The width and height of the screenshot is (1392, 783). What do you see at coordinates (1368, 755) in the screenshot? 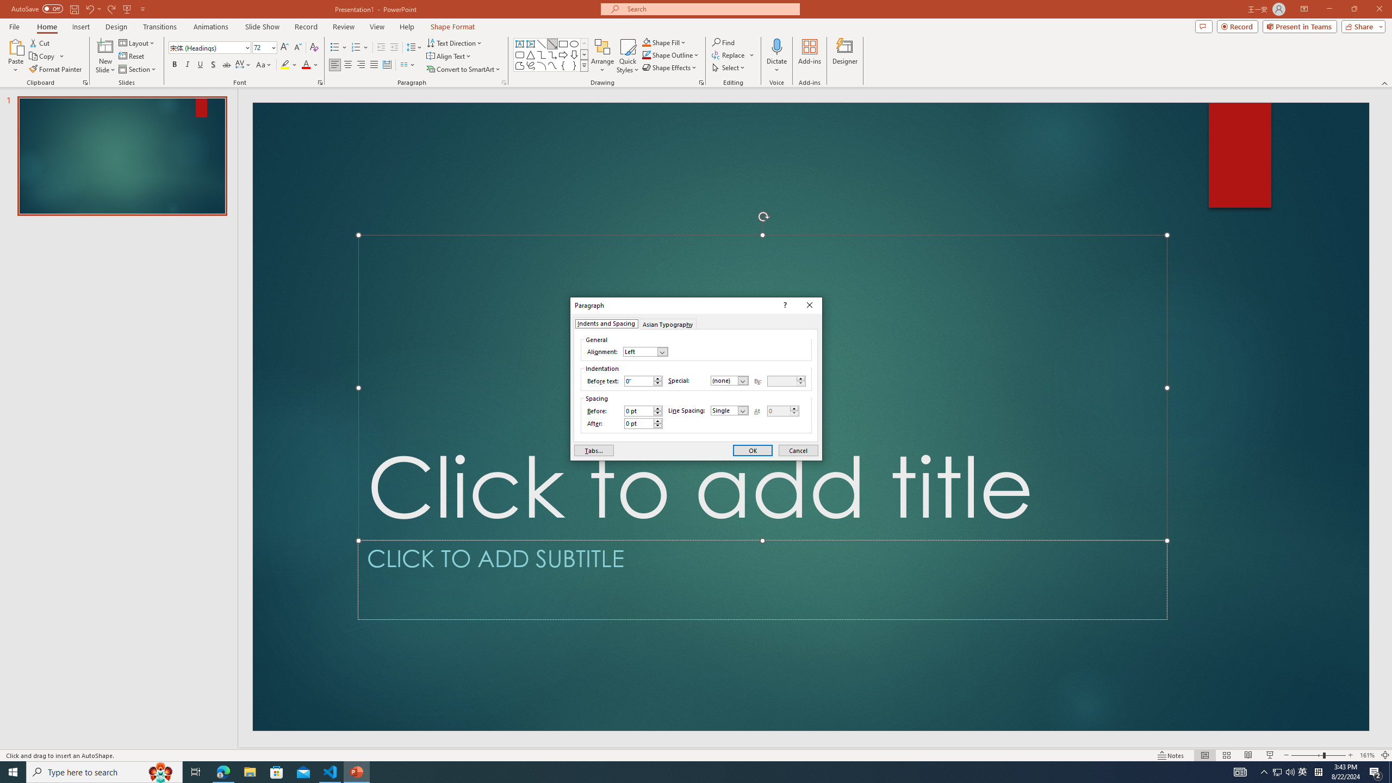
I see `'Zoom 161%'` at bounding box center [1368, 755].